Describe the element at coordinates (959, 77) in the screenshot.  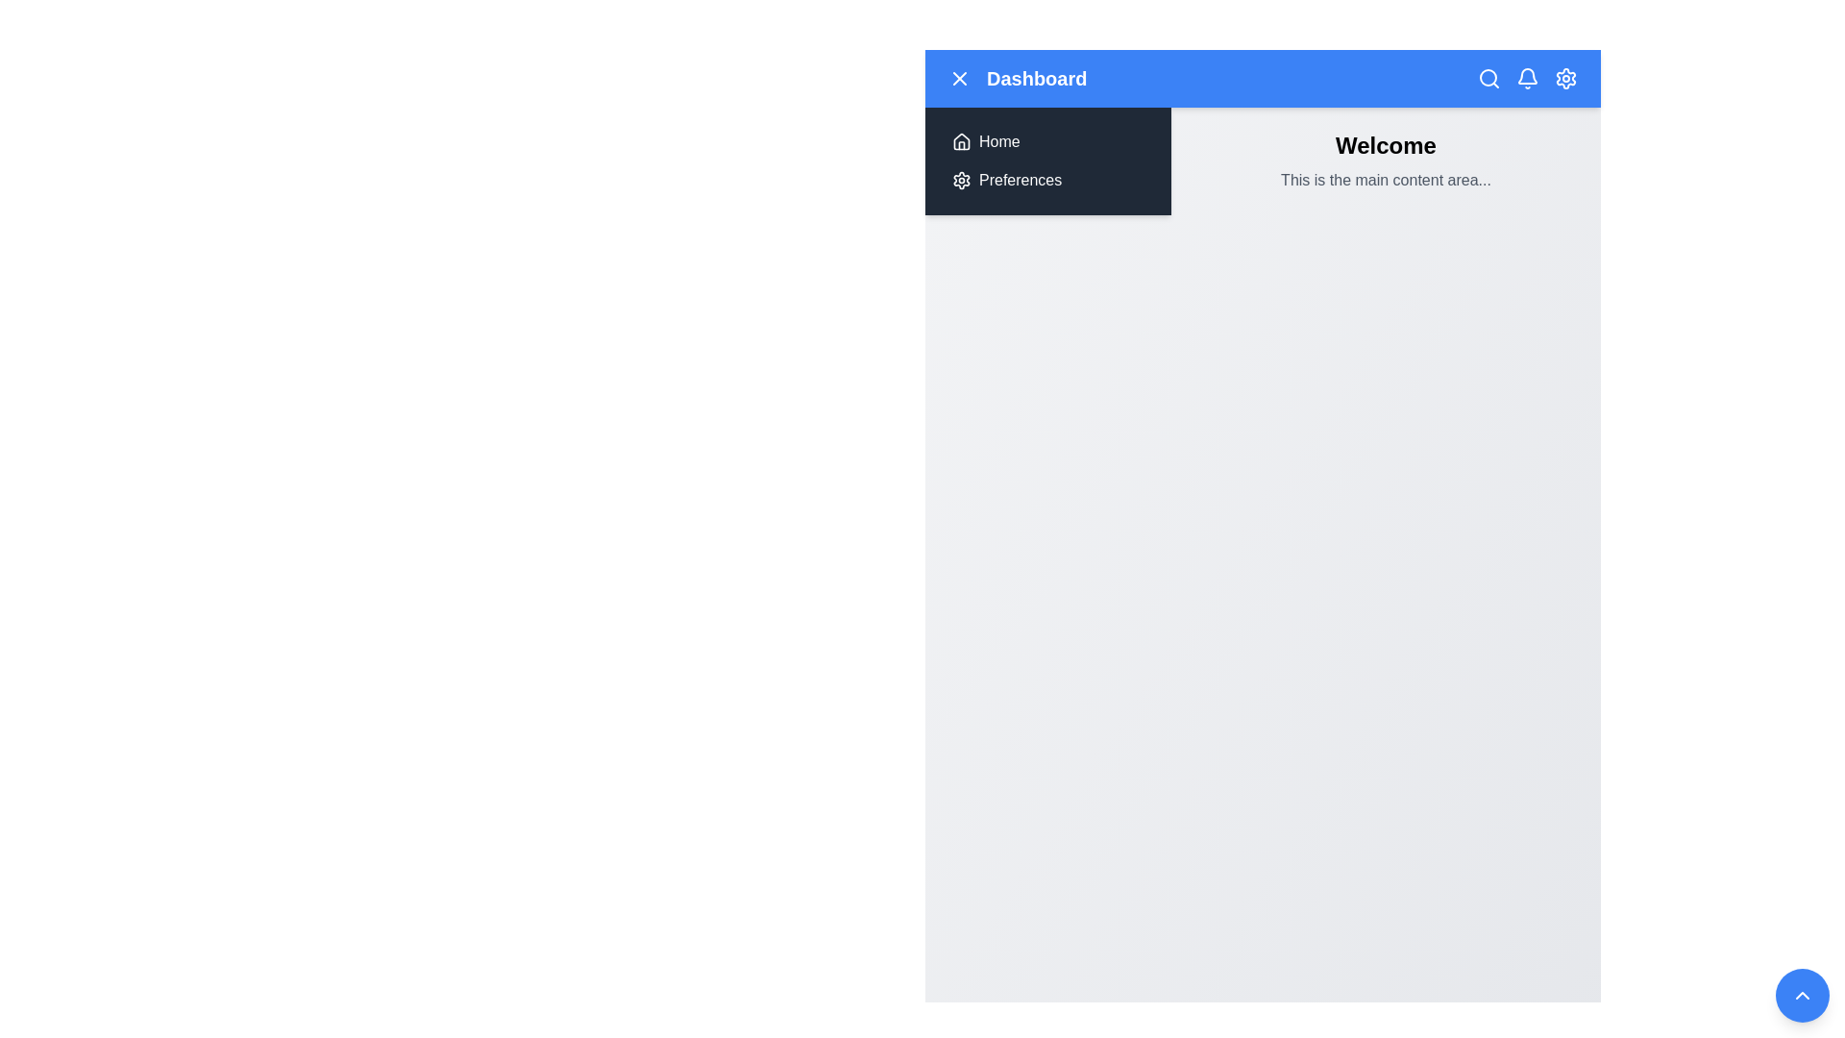
I see `the white 'X' icon button located at the leftmost part of the blue navigation bar` at that location.